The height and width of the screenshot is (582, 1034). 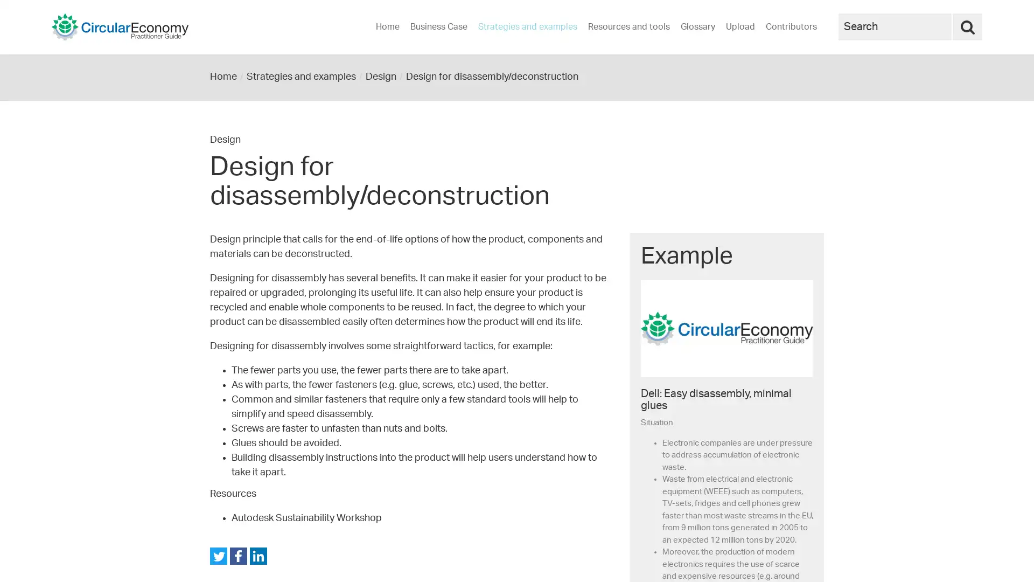 I want to click on Share to Facebook, so click(x=237, y=556).